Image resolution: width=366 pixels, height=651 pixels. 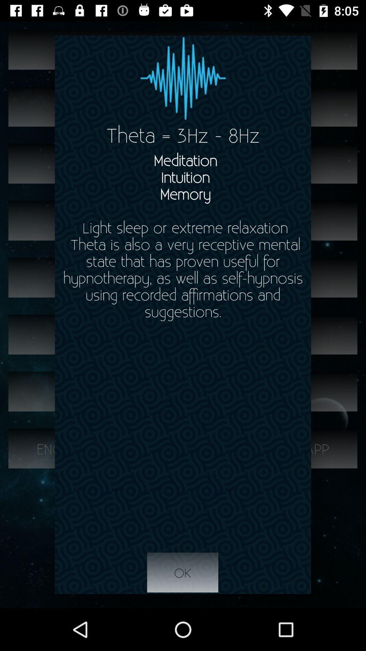 What do you see at coordinates (182, 572) in the screenshot?
I see `item below meditation intuition memory app` at bounding box center [182, 572].